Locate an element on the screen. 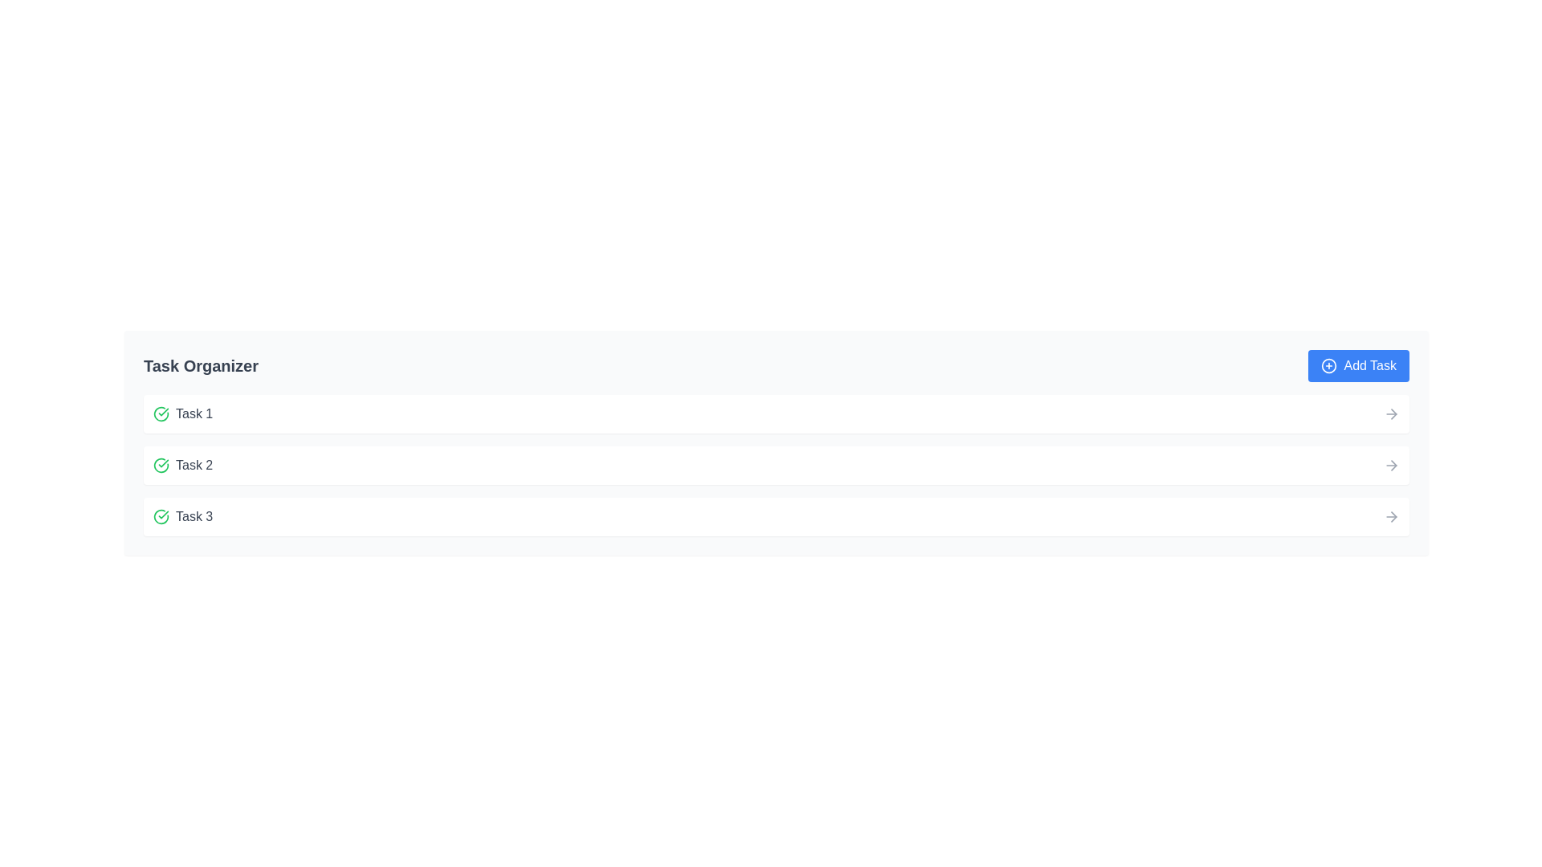 The image size is (1542, 867). the small right-pointing arrow-shaped icon located to the far right of the 'Add Task' button is located at coordinates (1393, 413).